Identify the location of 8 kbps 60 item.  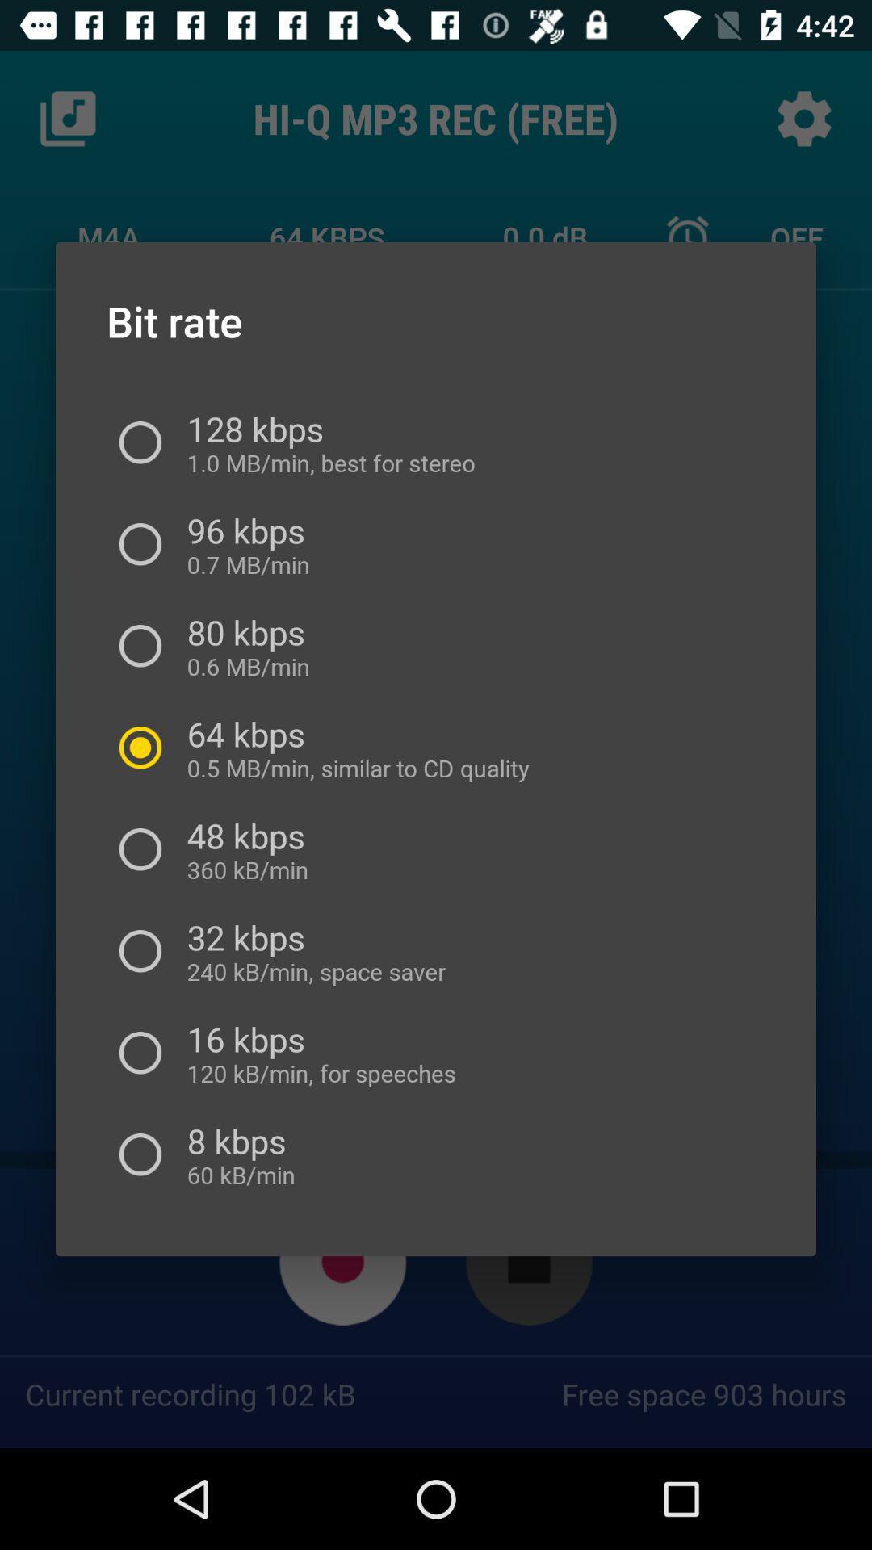
(236, 1154).